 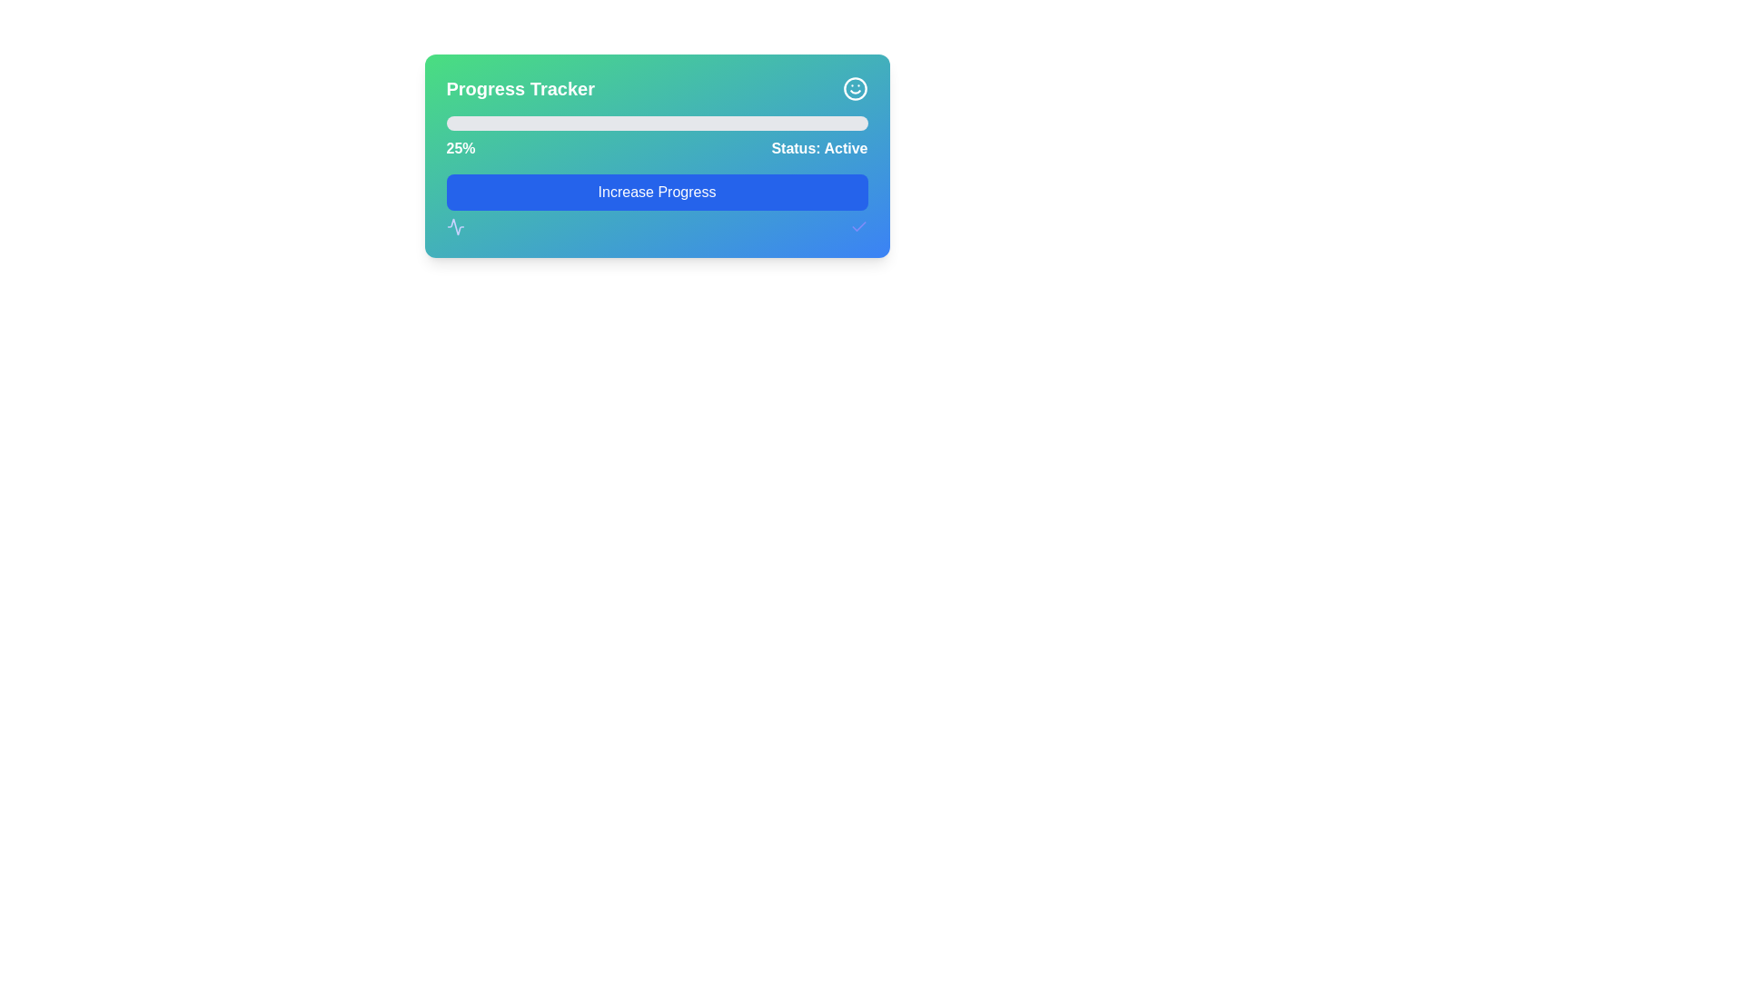 I want to click on the Progress Bar Segment within the 'Progress Tracker' interface, so click(x=499, y=123).